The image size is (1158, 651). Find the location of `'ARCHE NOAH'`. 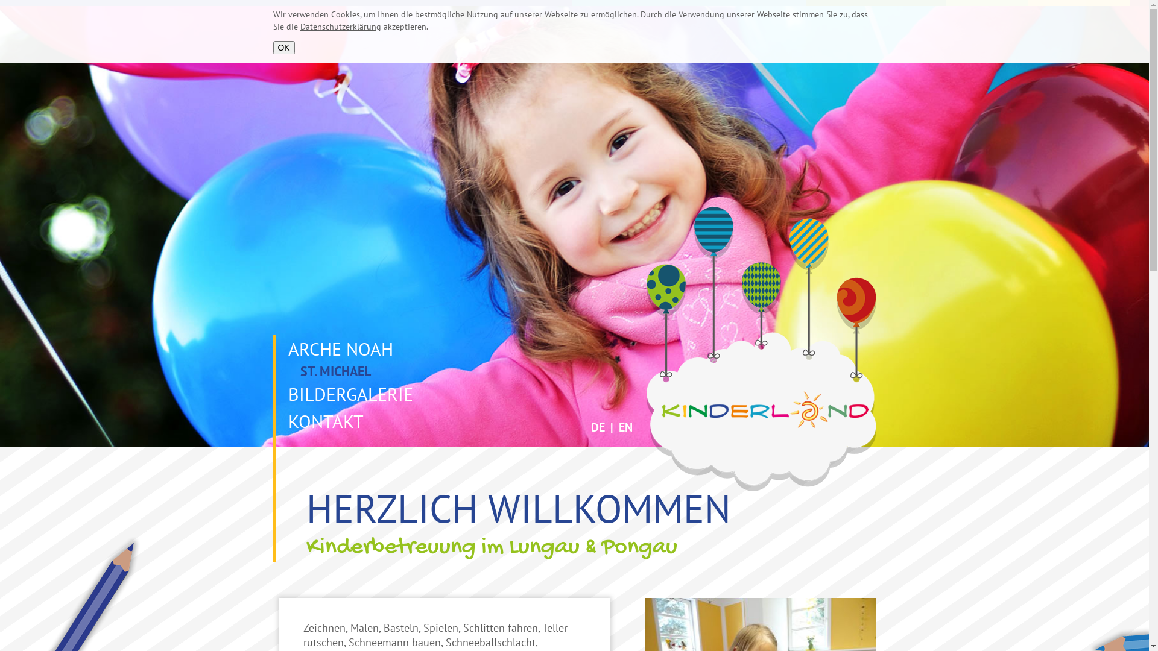

'ARCHE NOAH' is located at coordinates (338, 348).